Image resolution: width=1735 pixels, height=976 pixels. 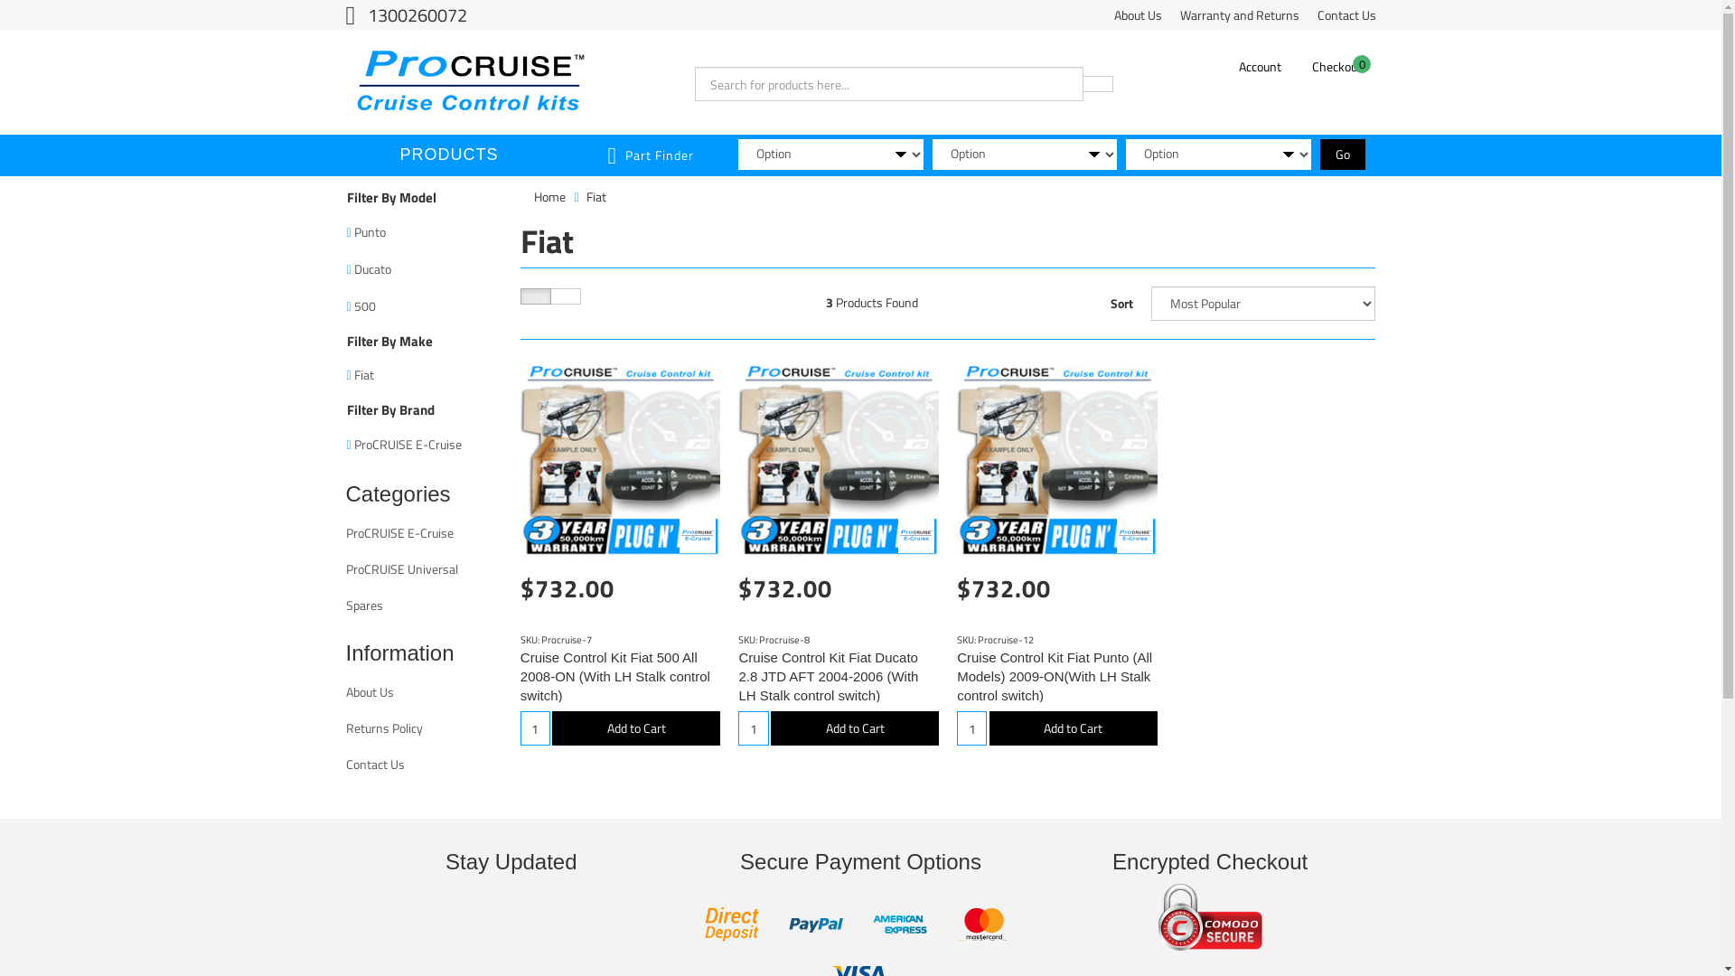 What do you see at coordinates (549, 196) in the screenshot?
I see `'Home'` at bounding box center [549, 196].